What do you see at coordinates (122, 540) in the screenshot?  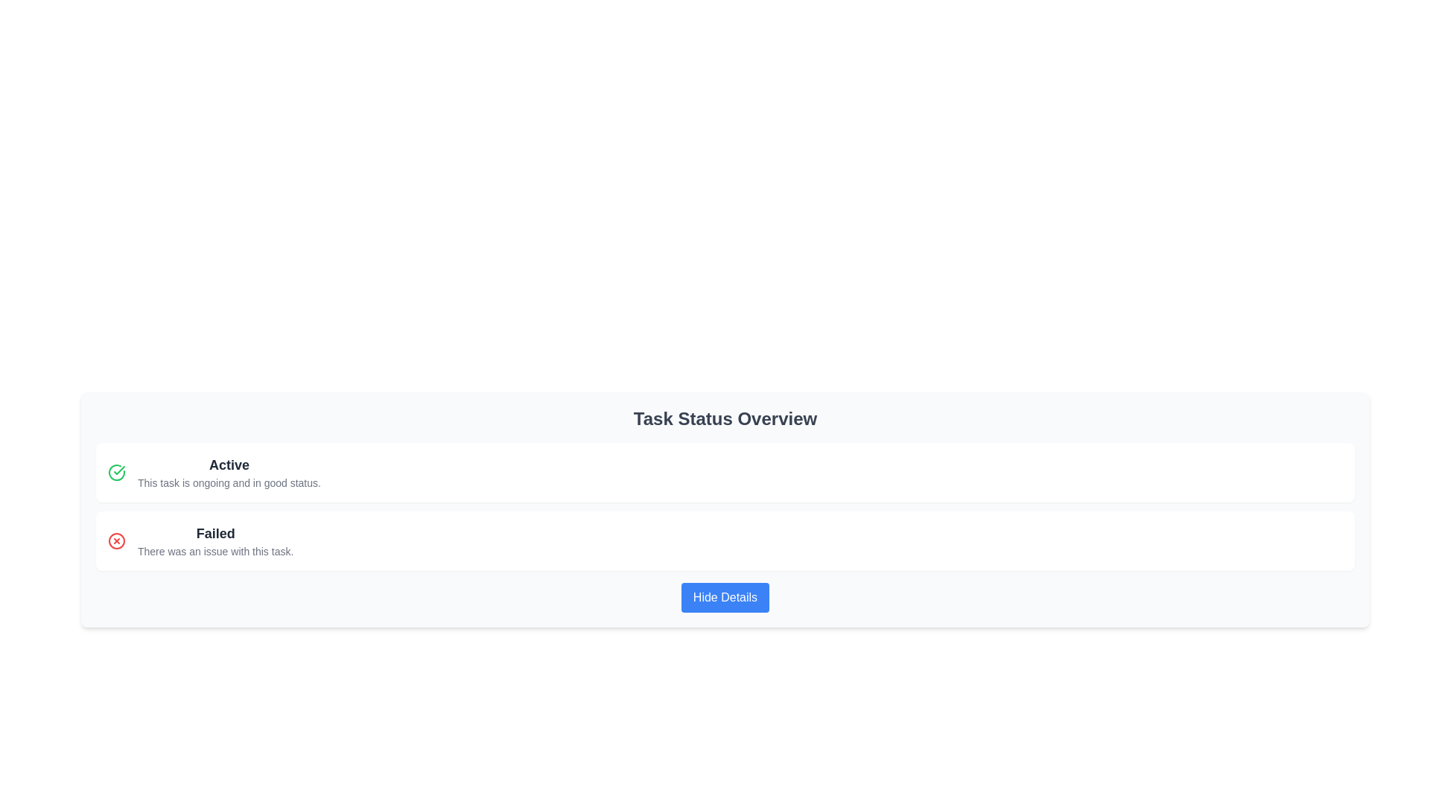 I see `attributes of the red circular icon with a white background and a red 'X' symbol, which is located immediately to the left of the text 'Failed' in the second row of the status list` at bounding box center [122, 540].